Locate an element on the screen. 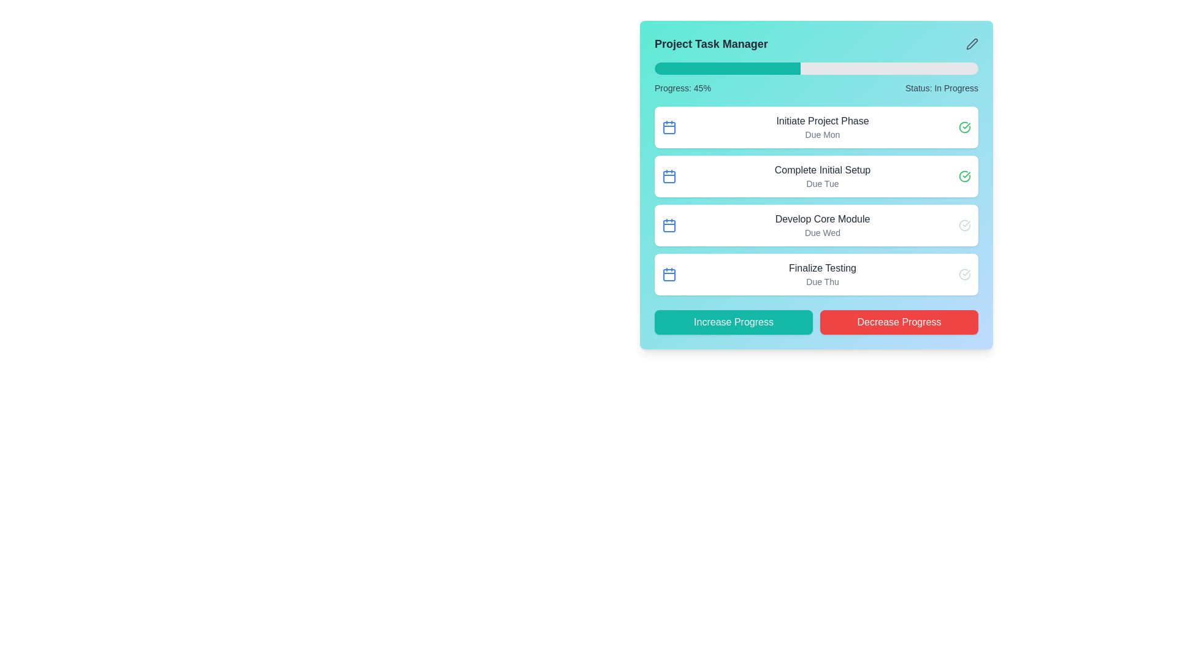 The image size is (1177, 662). the Text Display section that shows 'Finalize Testing' and 'Due Thu' located in the fourth task item of the 'Project Task Manager' module is located at coordinates (823, 273).